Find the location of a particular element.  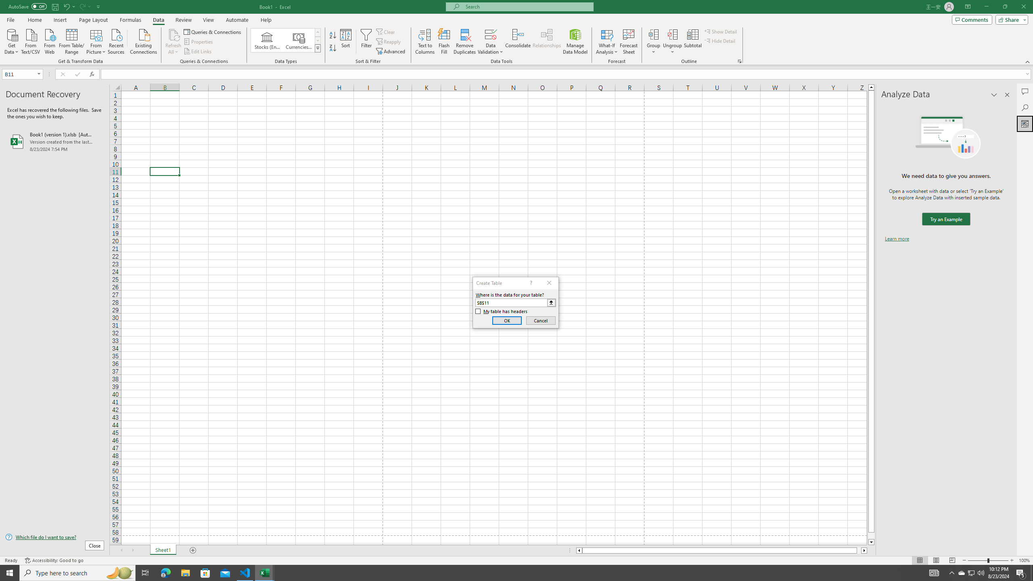

'Filter' is located at coordinates (366, 42).